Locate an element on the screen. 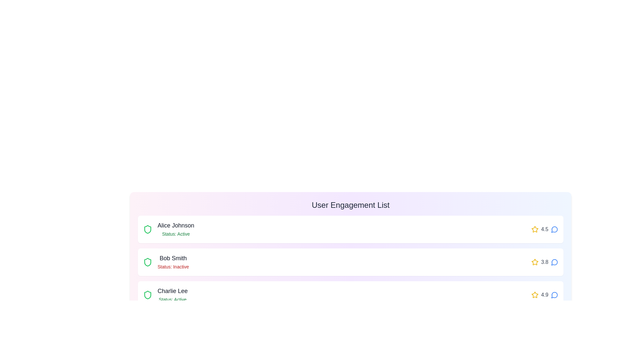  the message icon next to the user Bob Smith is located at coordinates (554, 262).